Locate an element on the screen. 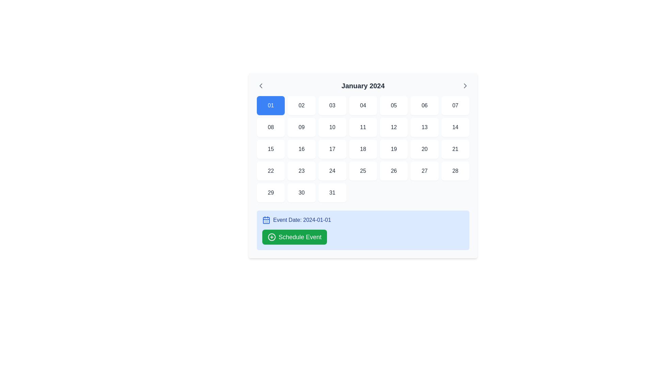 This screenshot has width=654, height=368. the button representing the date '21st' in the calendar grid is located at coordinates (455, 149).